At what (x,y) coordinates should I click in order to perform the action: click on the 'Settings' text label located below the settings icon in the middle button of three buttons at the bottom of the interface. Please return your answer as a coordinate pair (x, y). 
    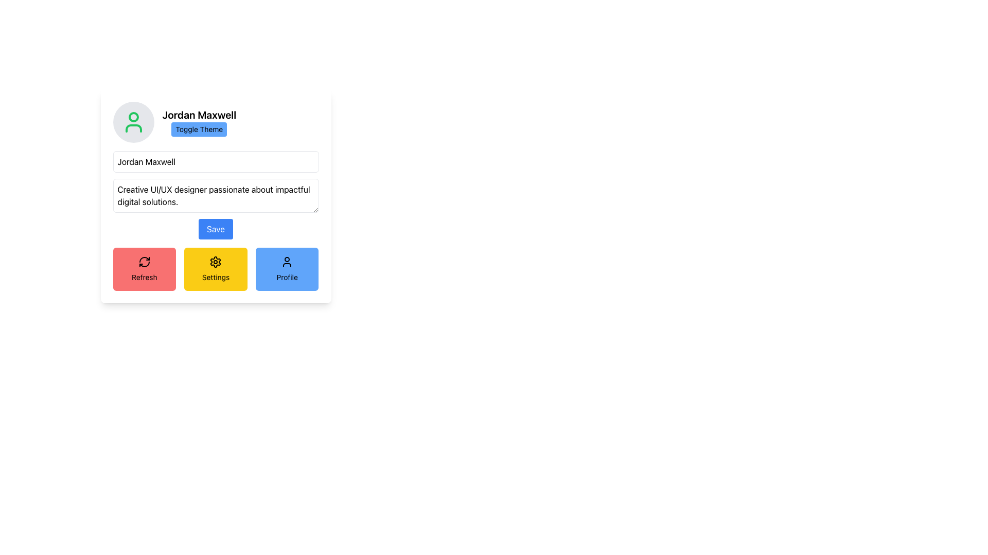
    Looking at the image, I should click on (215, 277).